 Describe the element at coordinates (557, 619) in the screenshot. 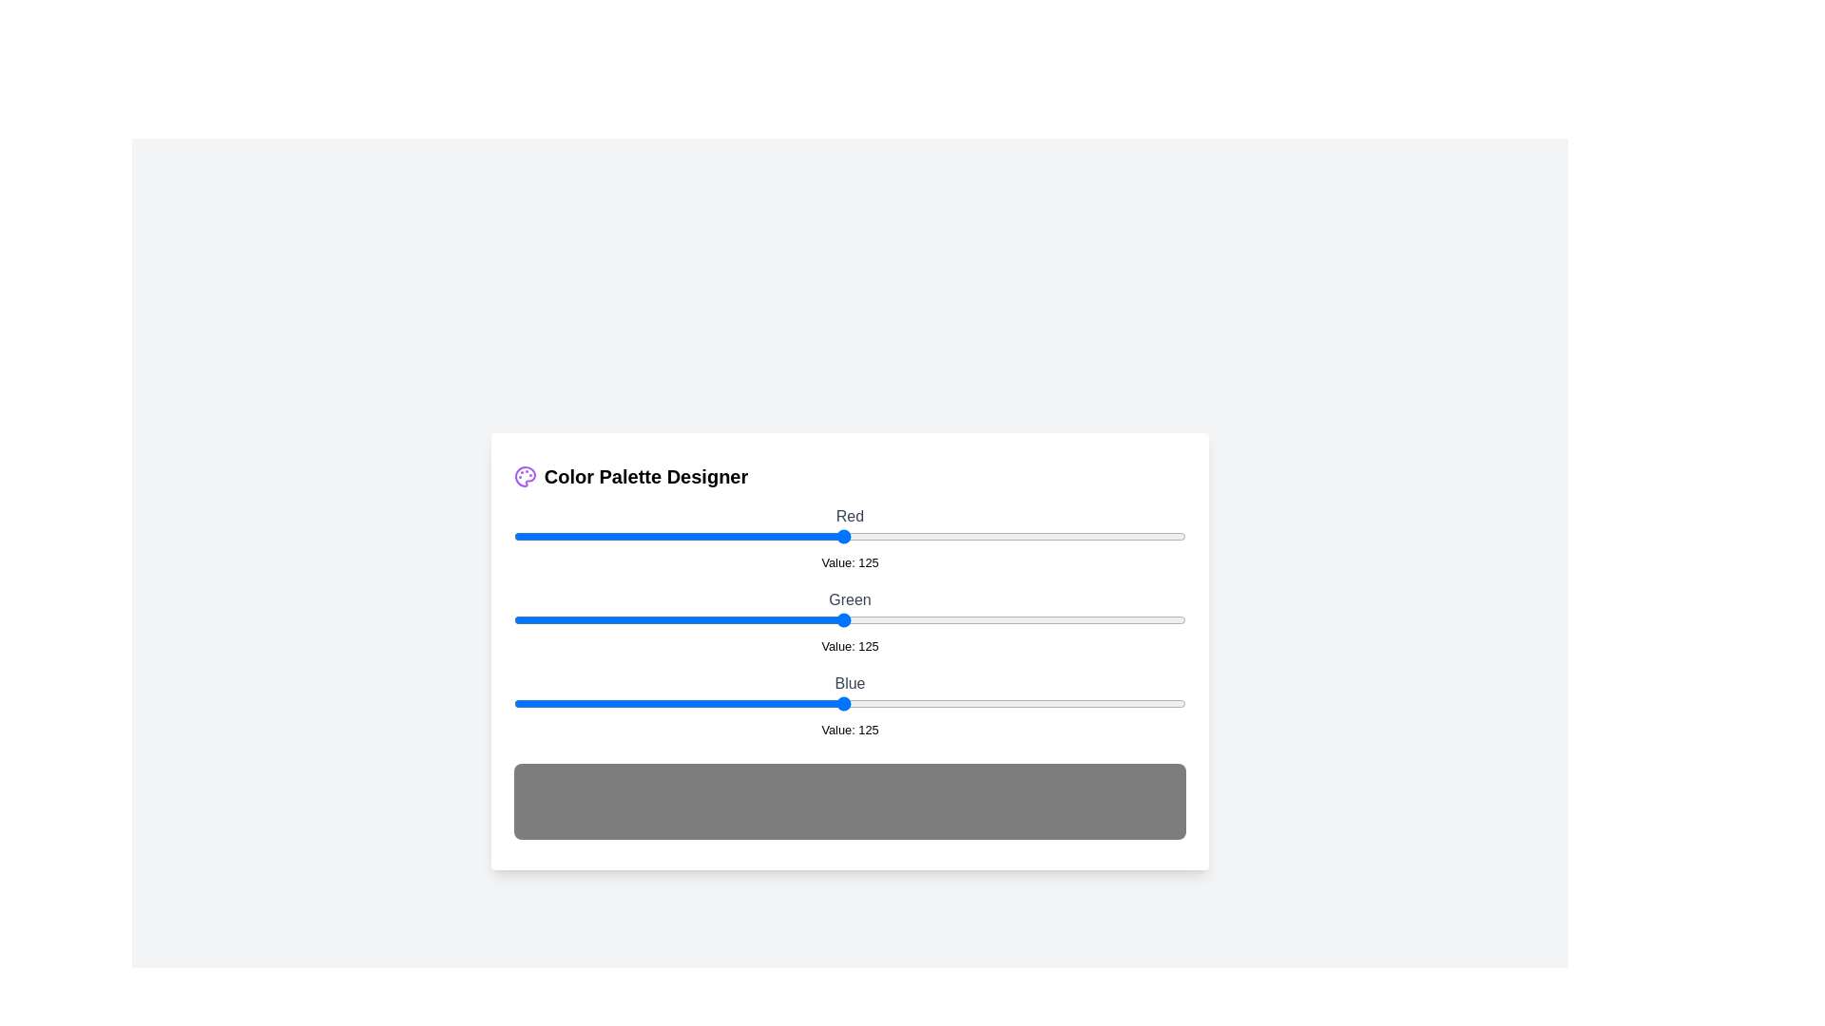

I see `the 1 slider to 17 to observe the updated color preview` at that location.